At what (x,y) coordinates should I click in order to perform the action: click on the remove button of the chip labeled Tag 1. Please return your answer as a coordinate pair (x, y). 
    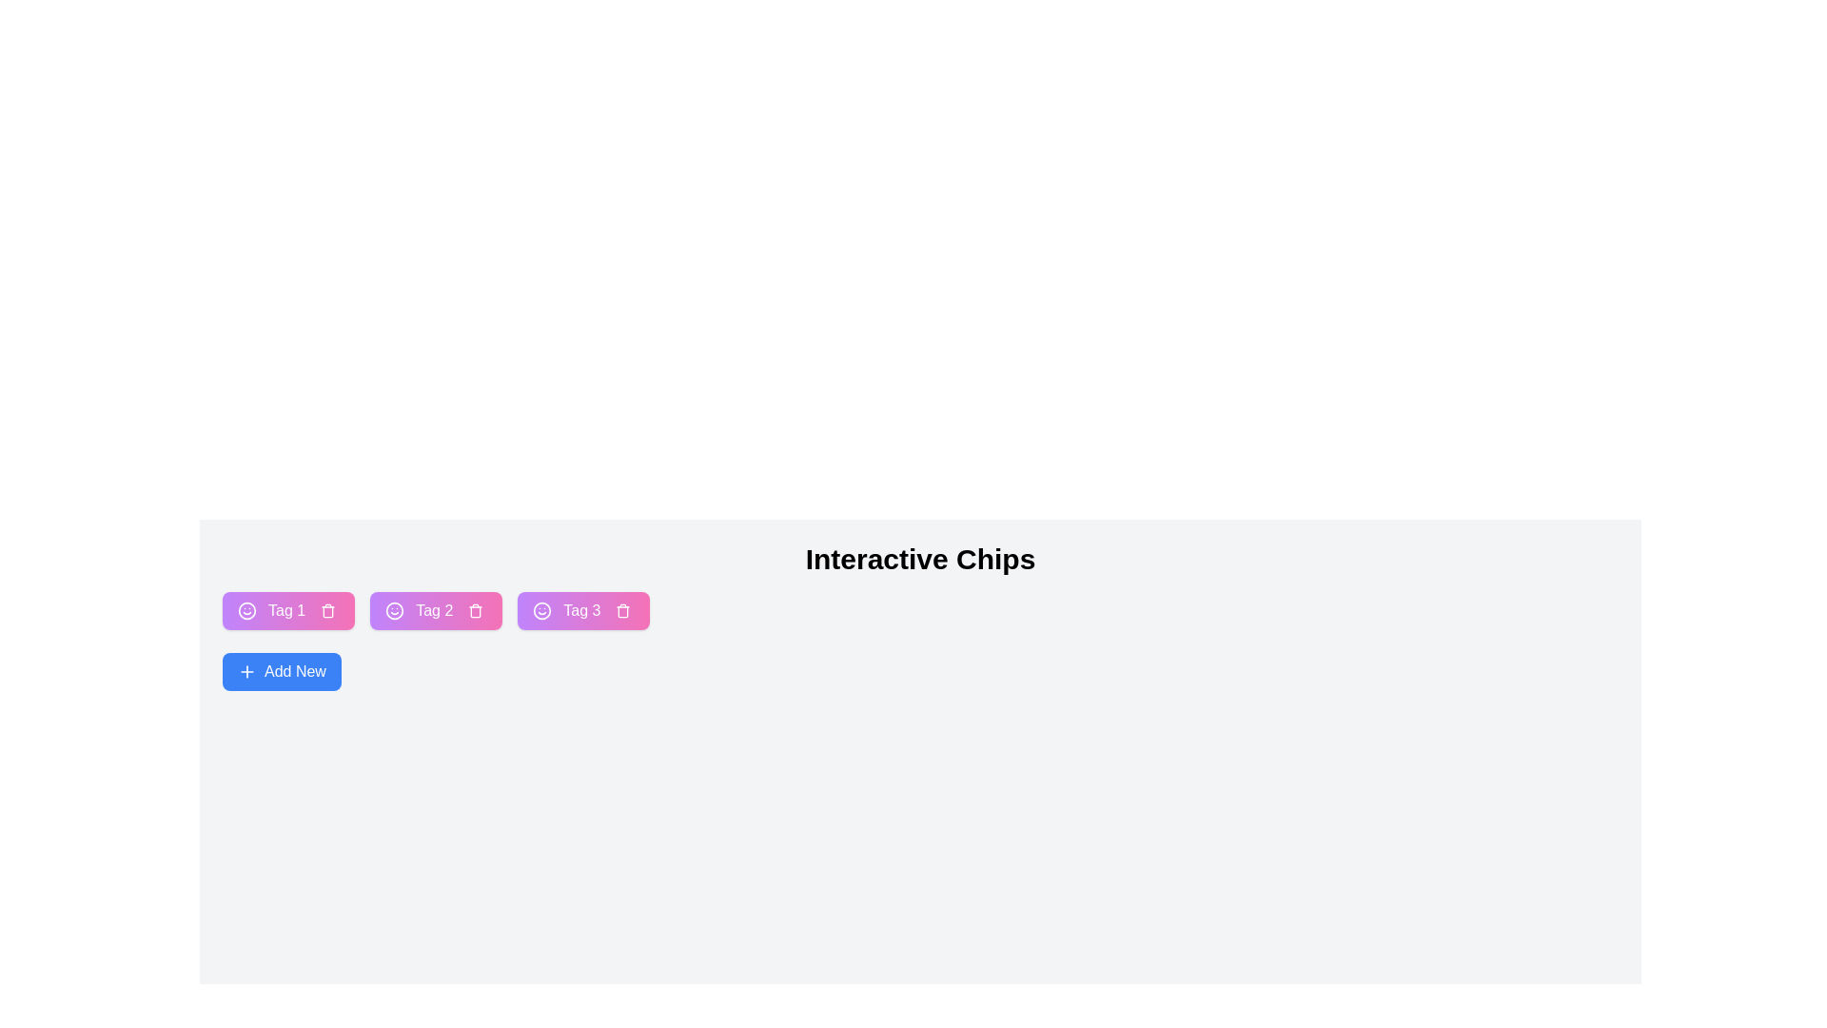
    Looking at the image, I should click on (328, 610).